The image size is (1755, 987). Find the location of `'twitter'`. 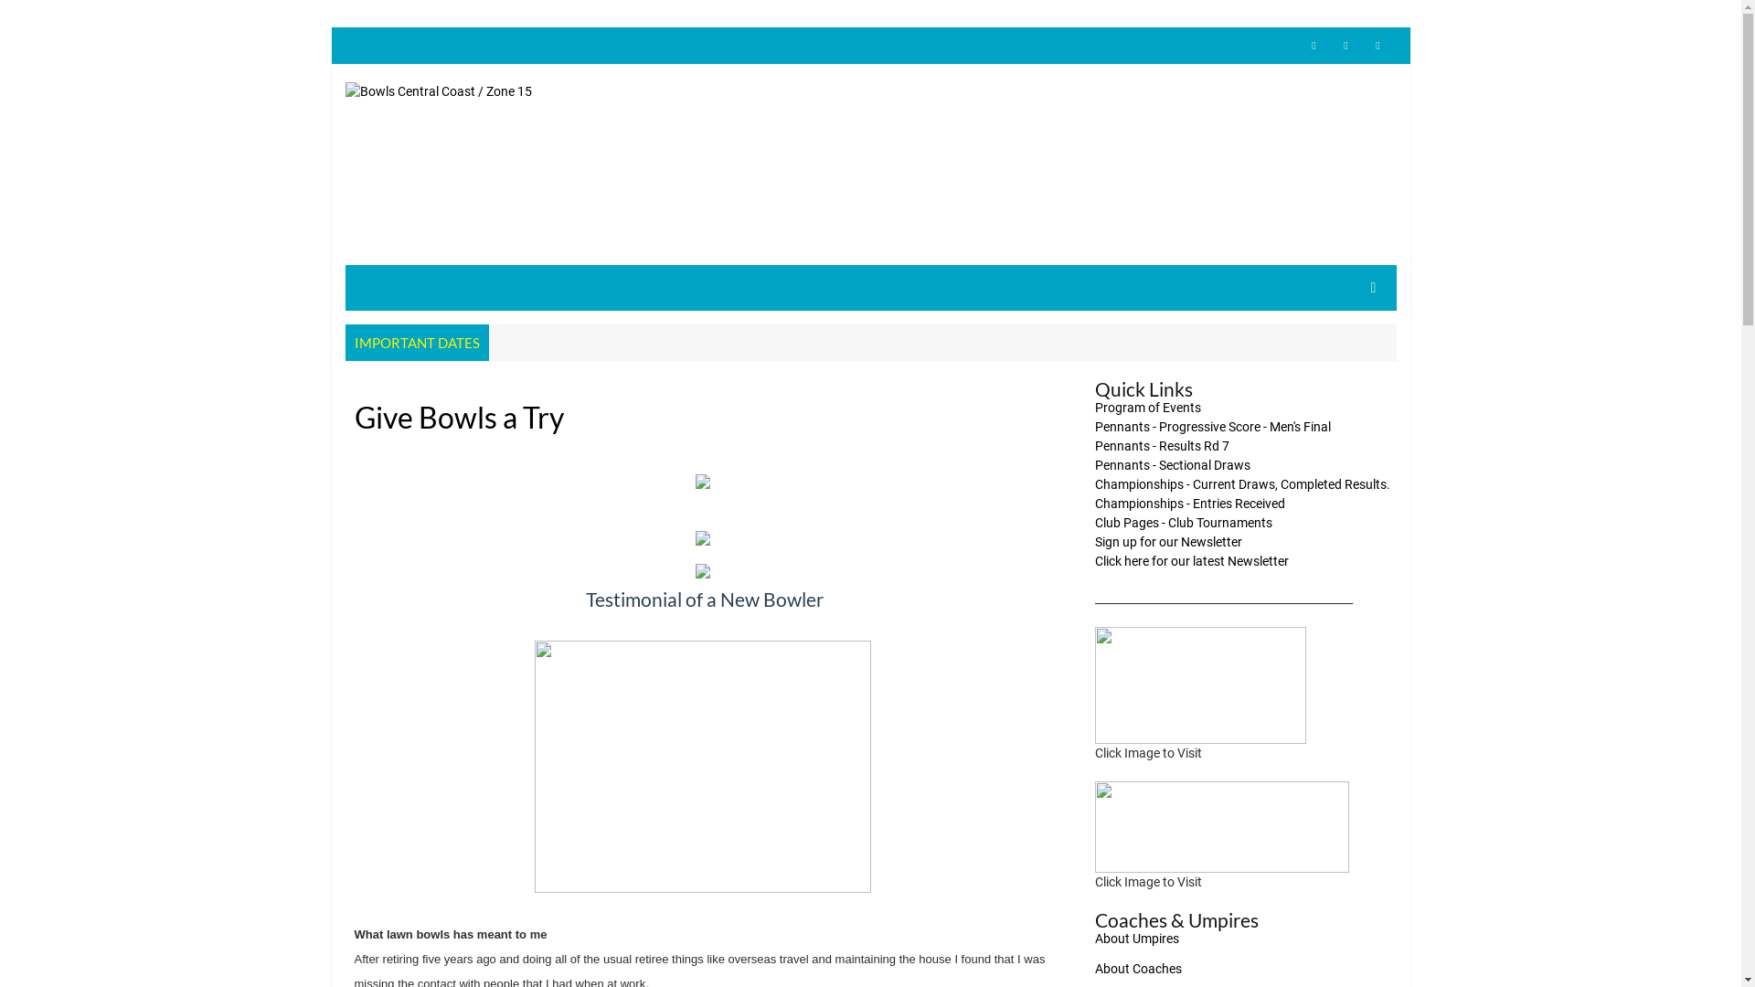

'twitter' is located at coordinates (1312, 45).